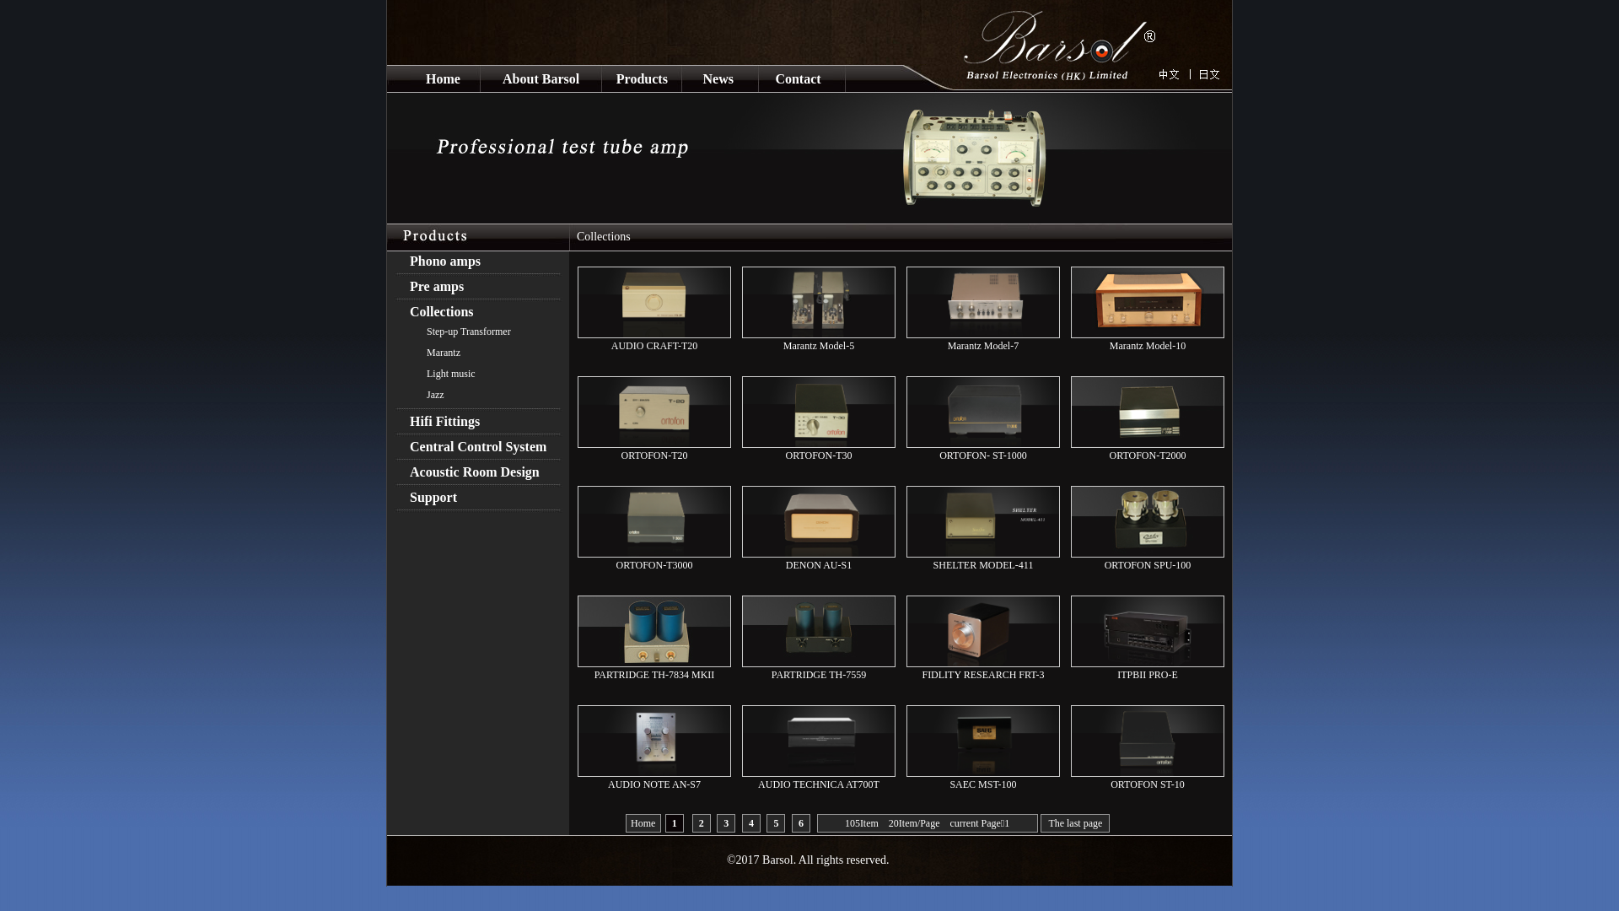  Describe the element at coordinates (818, 673) in the screenshot. I see `'PARTRIDGE TH-7559'` at that location.